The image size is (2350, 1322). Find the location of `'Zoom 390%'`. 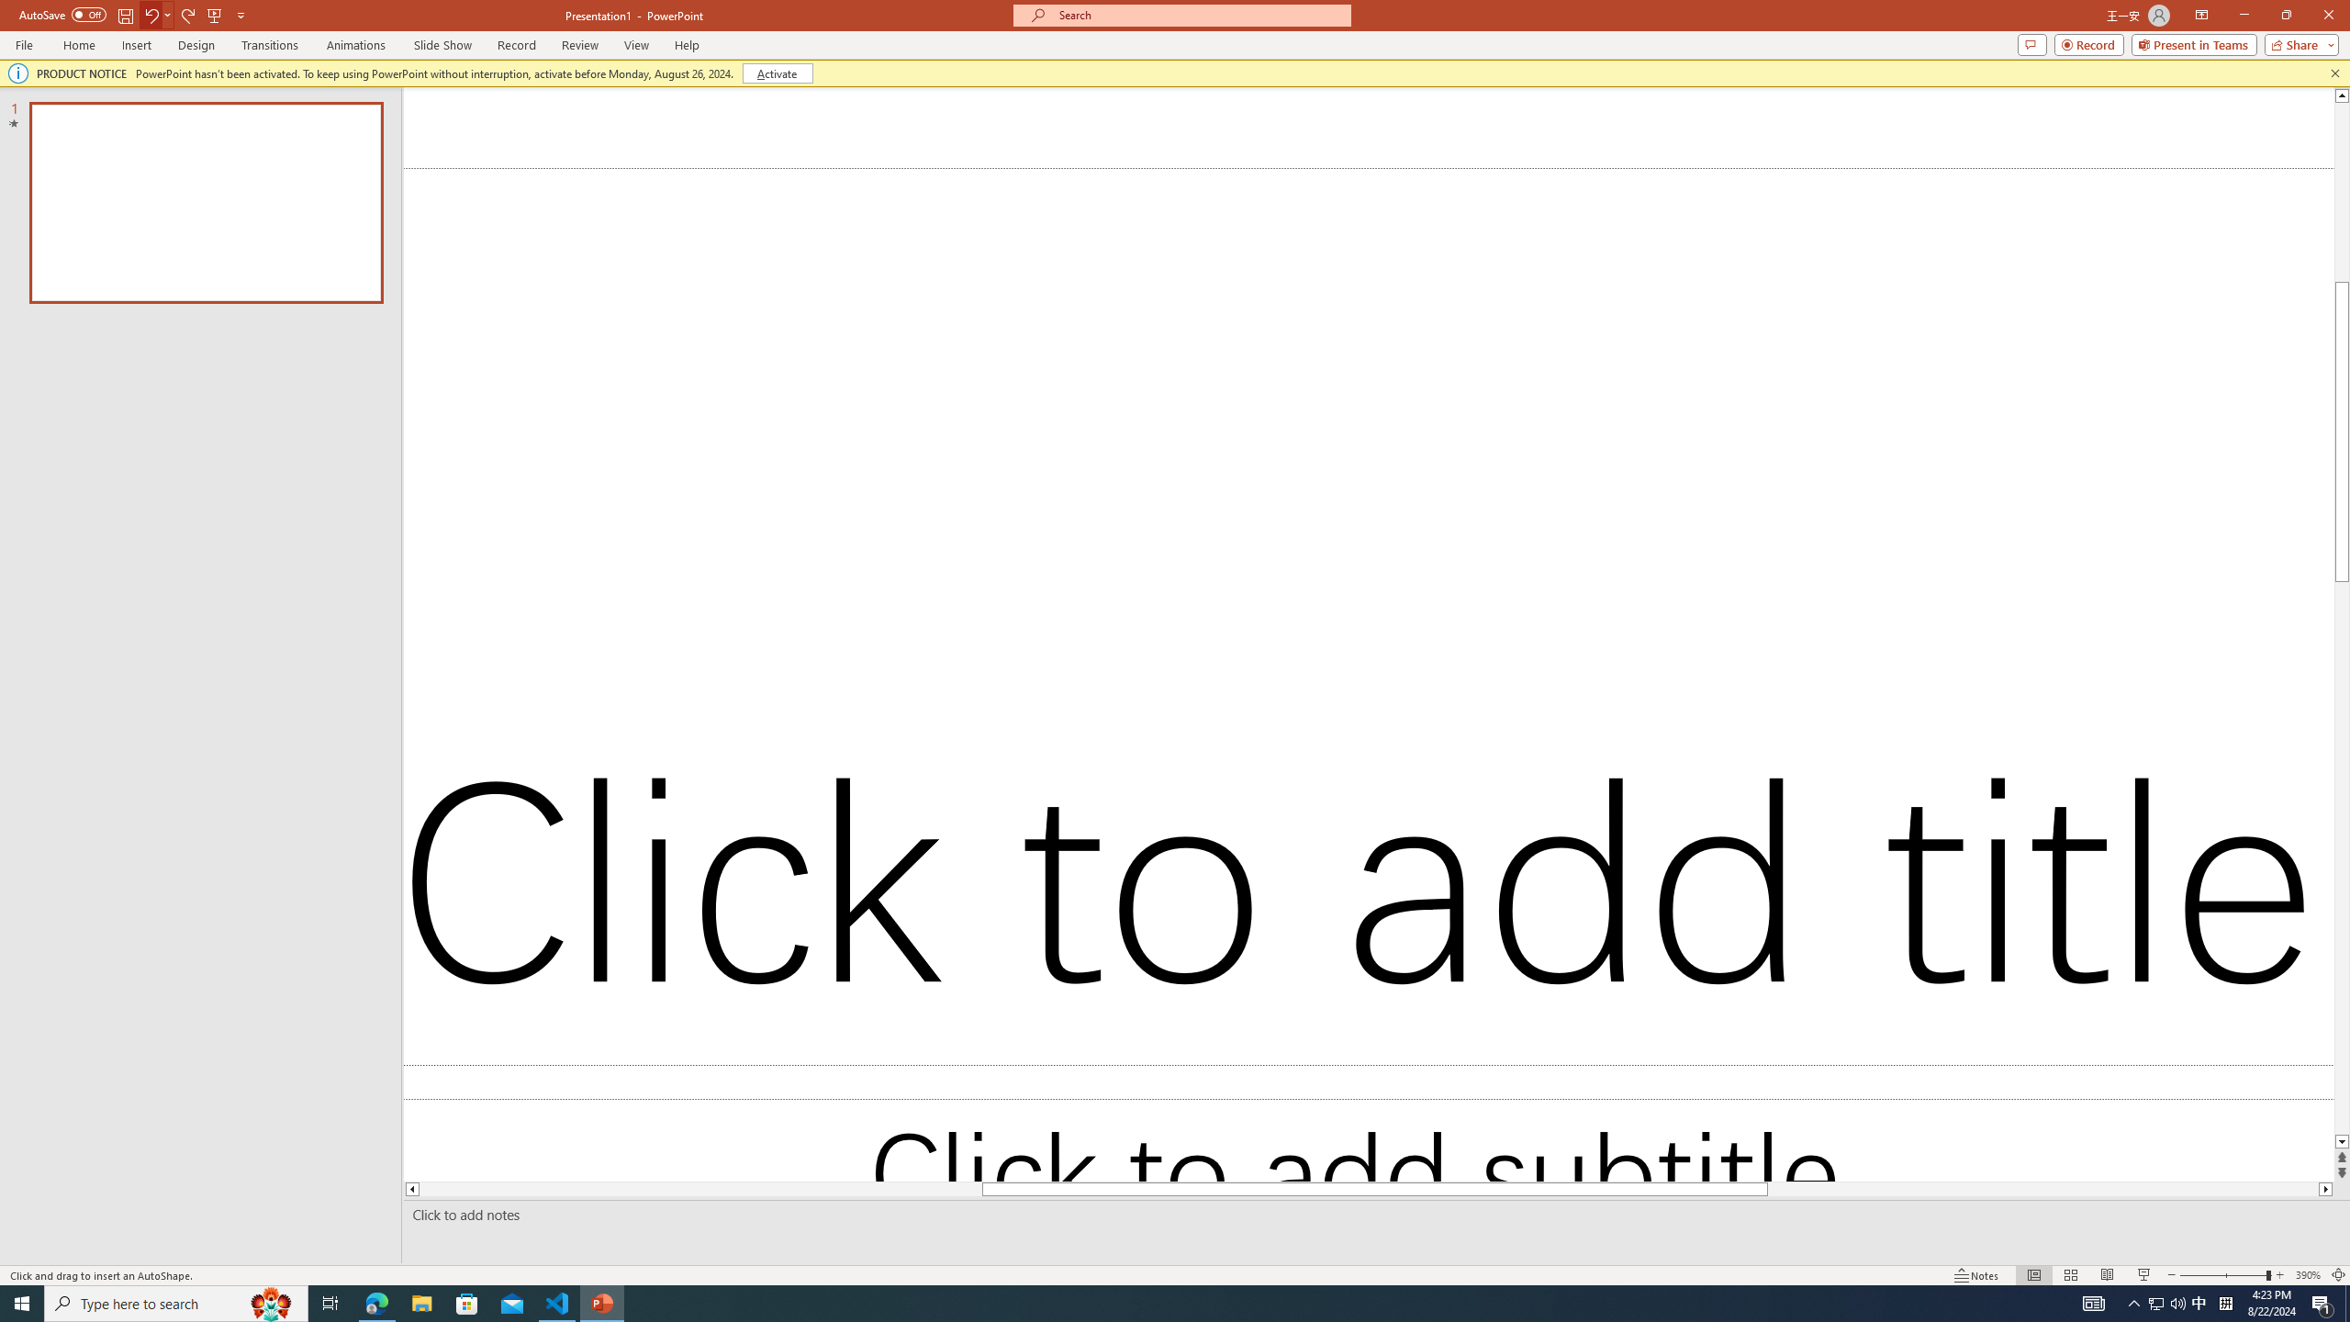

'Zoom 390%' is located at coordinates (2309, 1275).